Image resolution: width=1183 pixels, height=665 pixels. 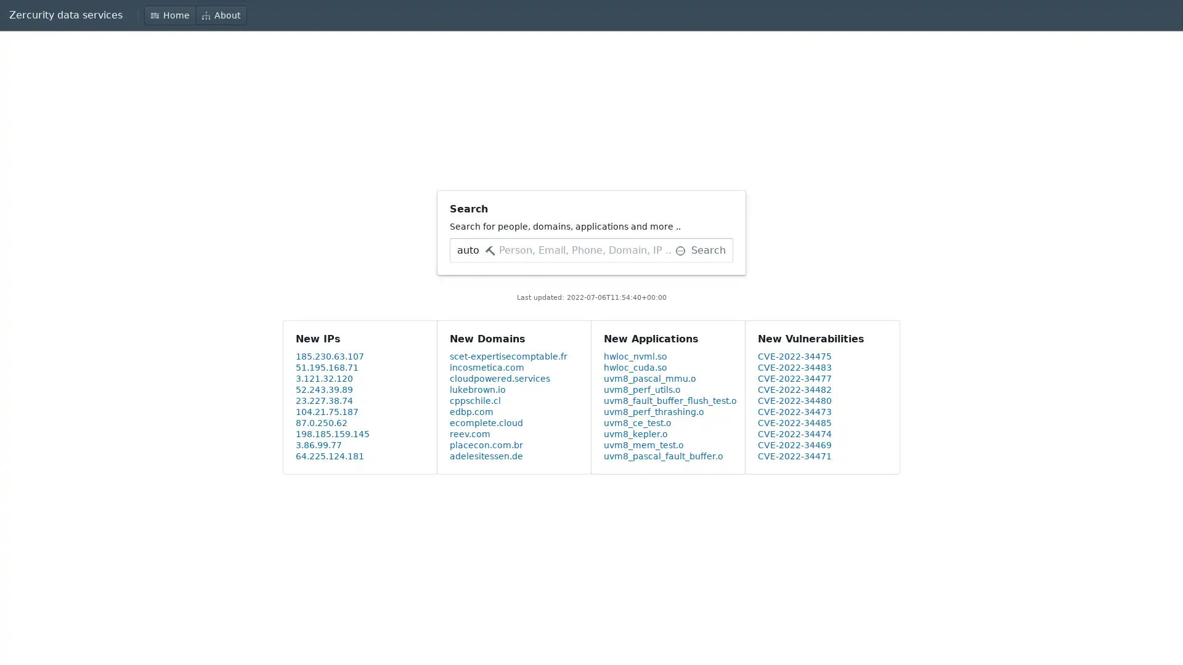 I want to click on Home, so click(x=169, y=15).